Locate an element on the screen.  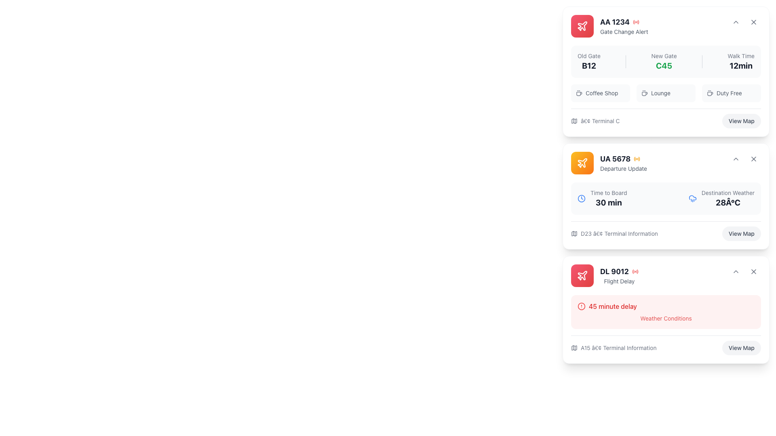
the chevron icon in the top-right corner of the flight information card for 'DL 9012' is located at coordinates (736, 271).